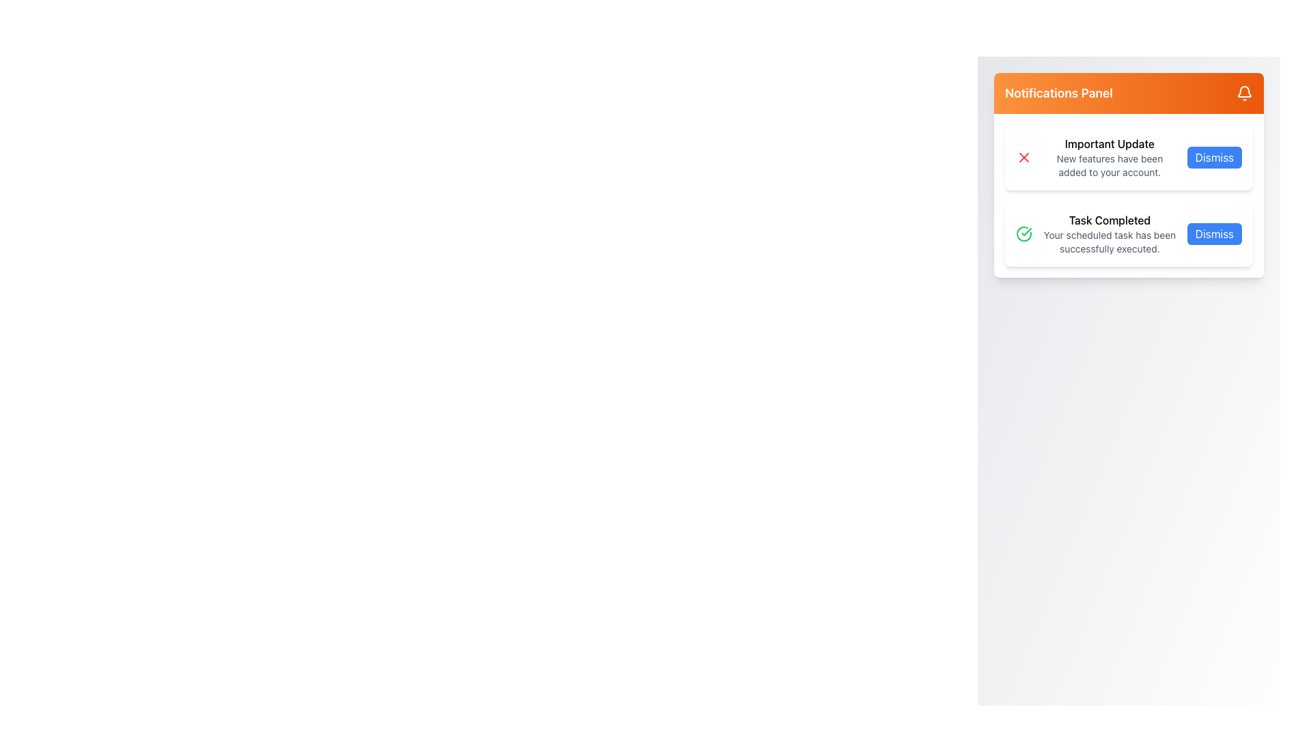  What do you see at coordinates (1214, 157) in the screenshot?
I see `the dismiss button located in the 'Important Update' notification block` at bounding box center [1214, 157].